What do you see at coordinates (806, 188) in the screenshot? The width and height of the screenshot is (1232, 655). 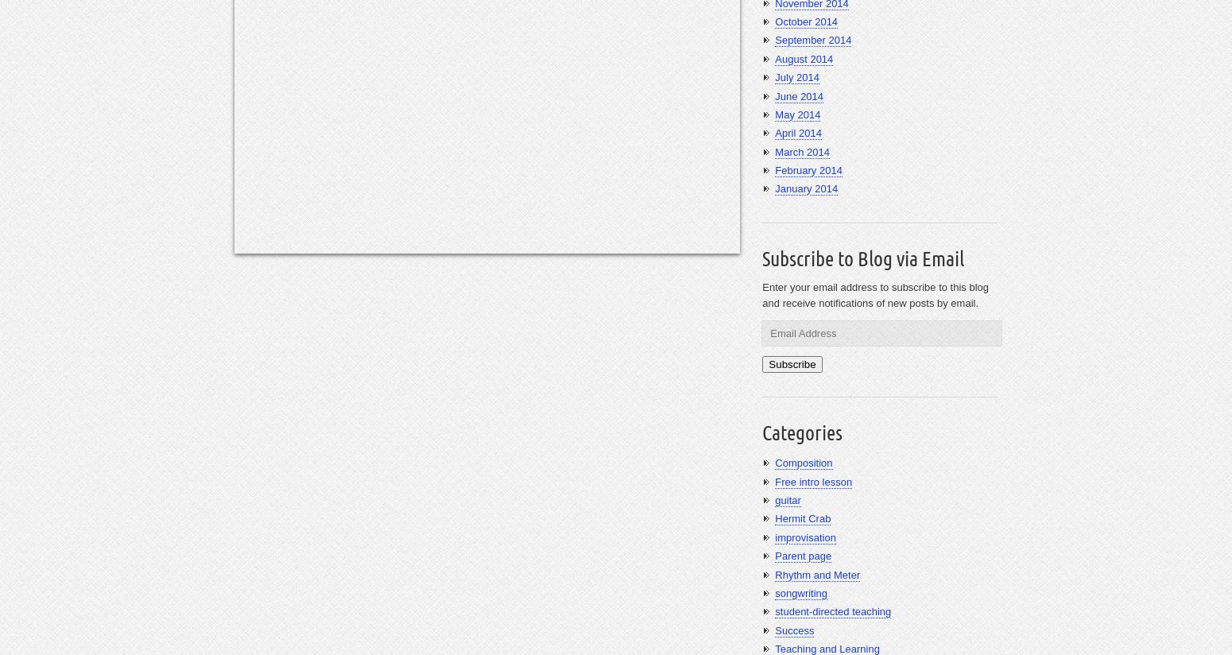 I see `'January 2014'` at bounding box center [806, 188].